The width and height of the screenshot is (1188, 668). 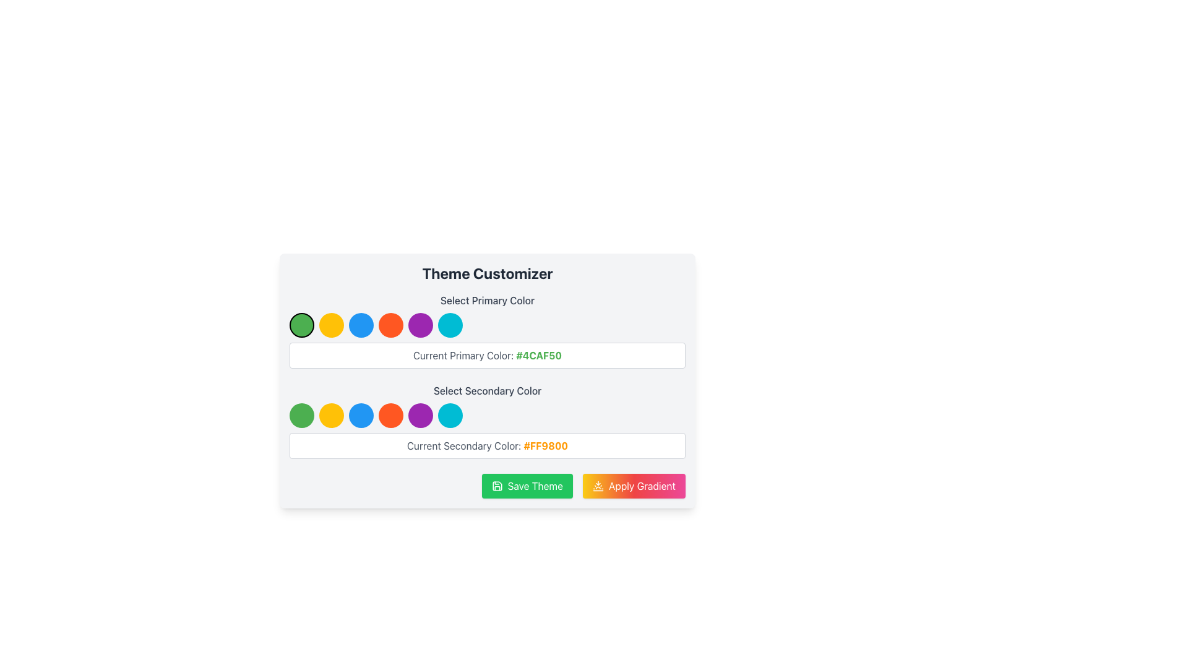 I want to click on the circular button in the color selection interface labeled 'Select Primary Color' to choose a new primary color, so click(x=486, y=330).